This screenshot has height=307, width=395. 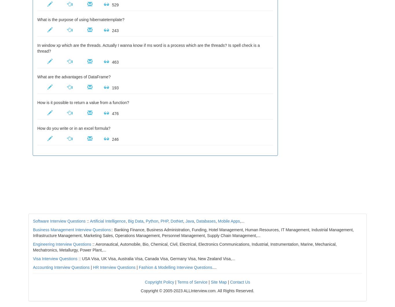 I want to click on 'Databases', so click(x=206, y=221).